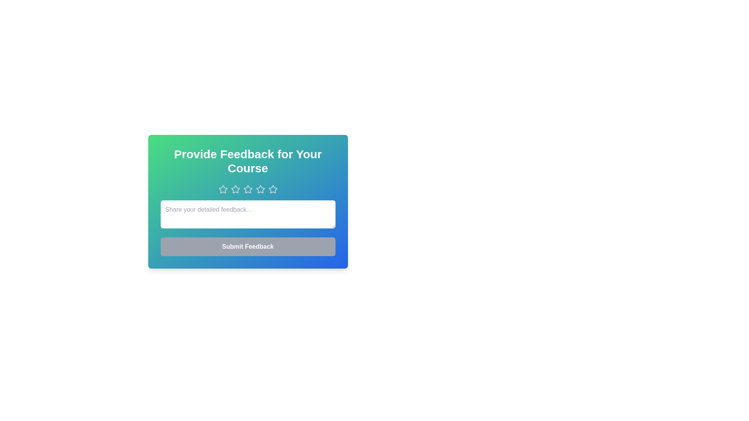 This screenshot has height=421, width=749. Describe the element at coordinates (260, 189) in the screenshot. I see `the star corresponding to the rating 4 to set it` at that location.